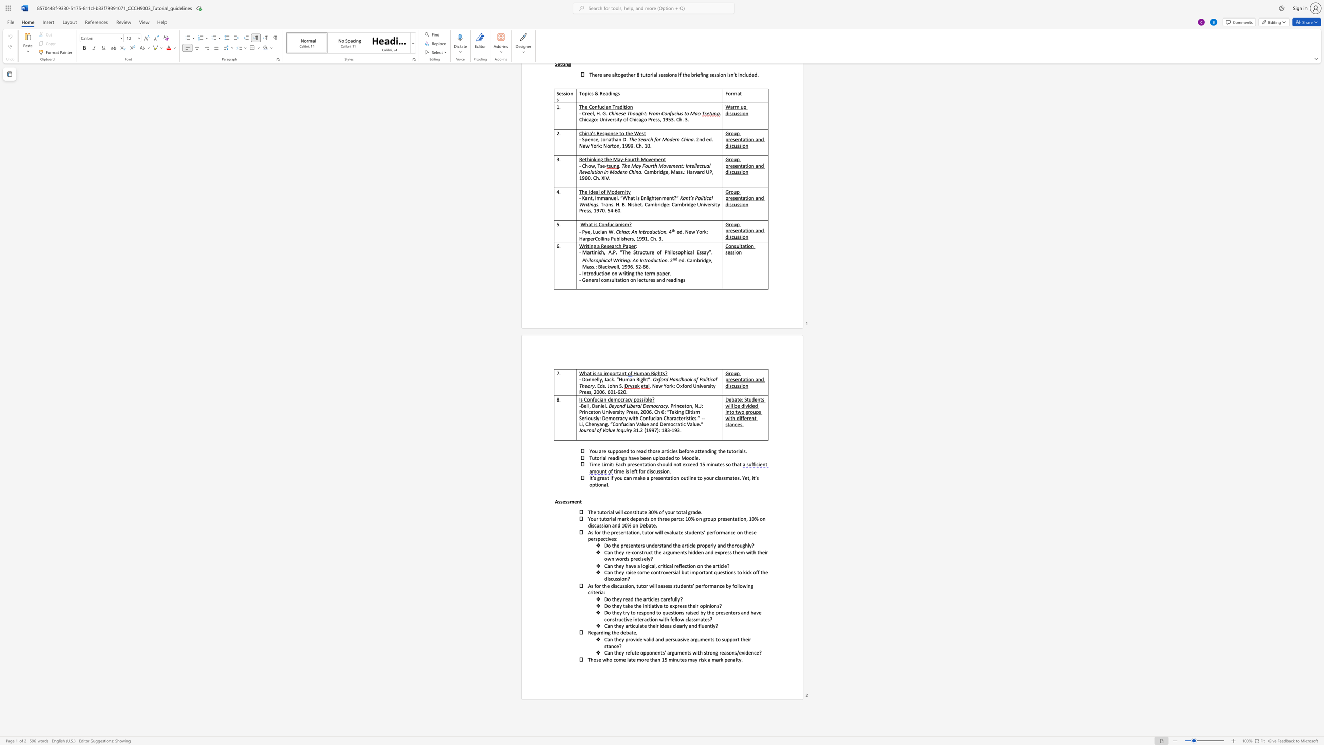 The image size is (1324, 745). Describe the element at coordinates (710, 639) in the screenshot. I see `the subset text "ts to support their stance?" within the text "Can they provide valid and persuasive arguments to support their stance?"` at that location.